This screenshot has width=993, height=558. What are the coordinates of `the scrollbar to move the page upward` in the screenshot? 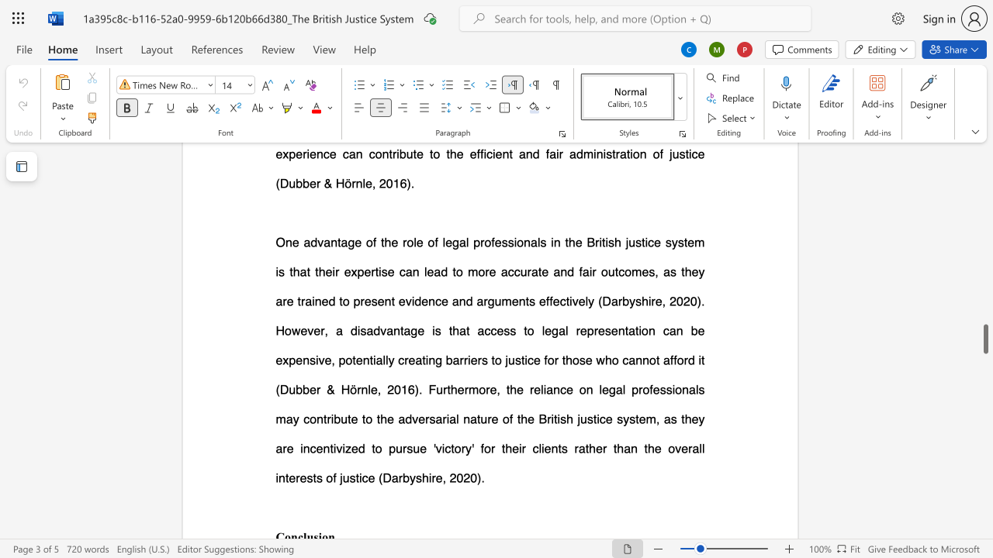 It's located at (984, 316).